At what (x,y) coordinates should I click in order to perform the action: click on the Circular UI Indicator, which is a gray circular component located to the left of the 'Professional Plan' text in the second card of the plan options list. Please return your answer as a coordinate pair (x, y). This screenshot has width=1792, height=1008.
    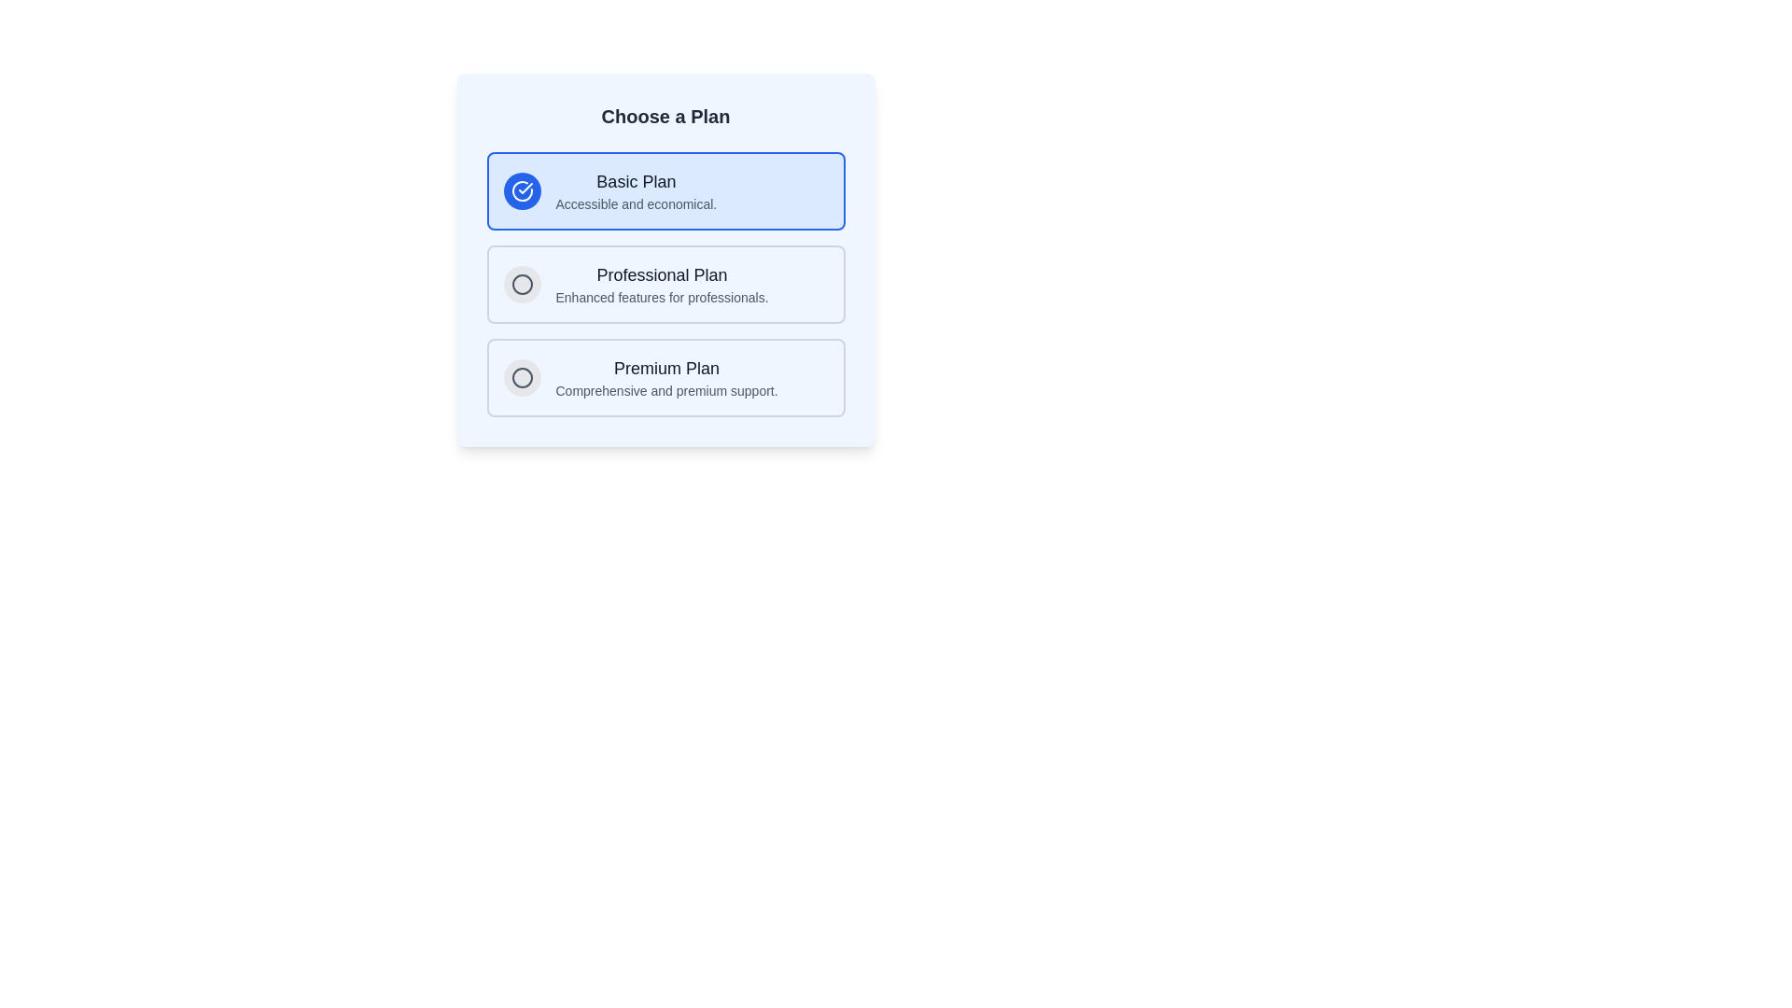
    Looking at the image, I should click on (522, 284).